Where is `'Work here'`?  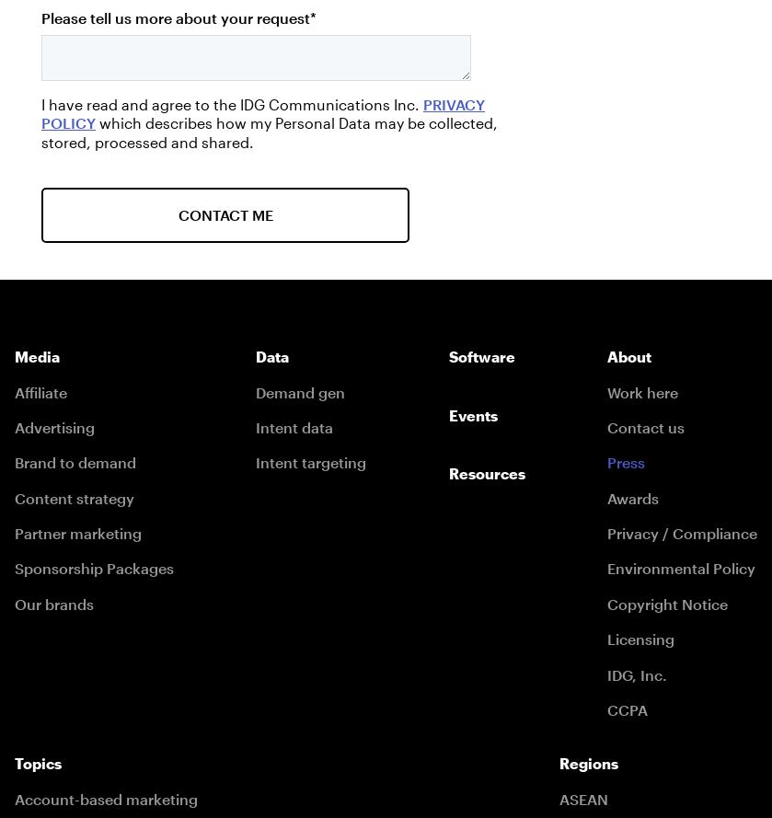 'Work here' is located at coordinates (605, 391).